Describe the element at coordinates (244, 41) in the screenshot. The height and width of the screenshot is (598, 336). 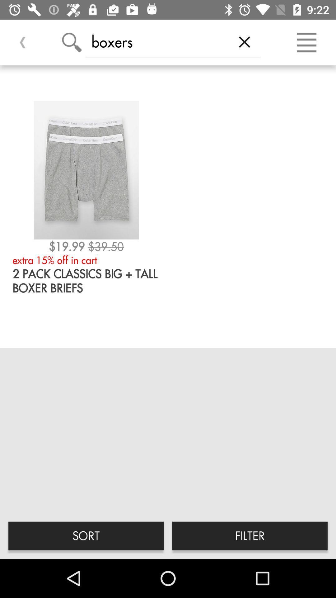
I see `the icon to the right of the boxers icon` at that location.